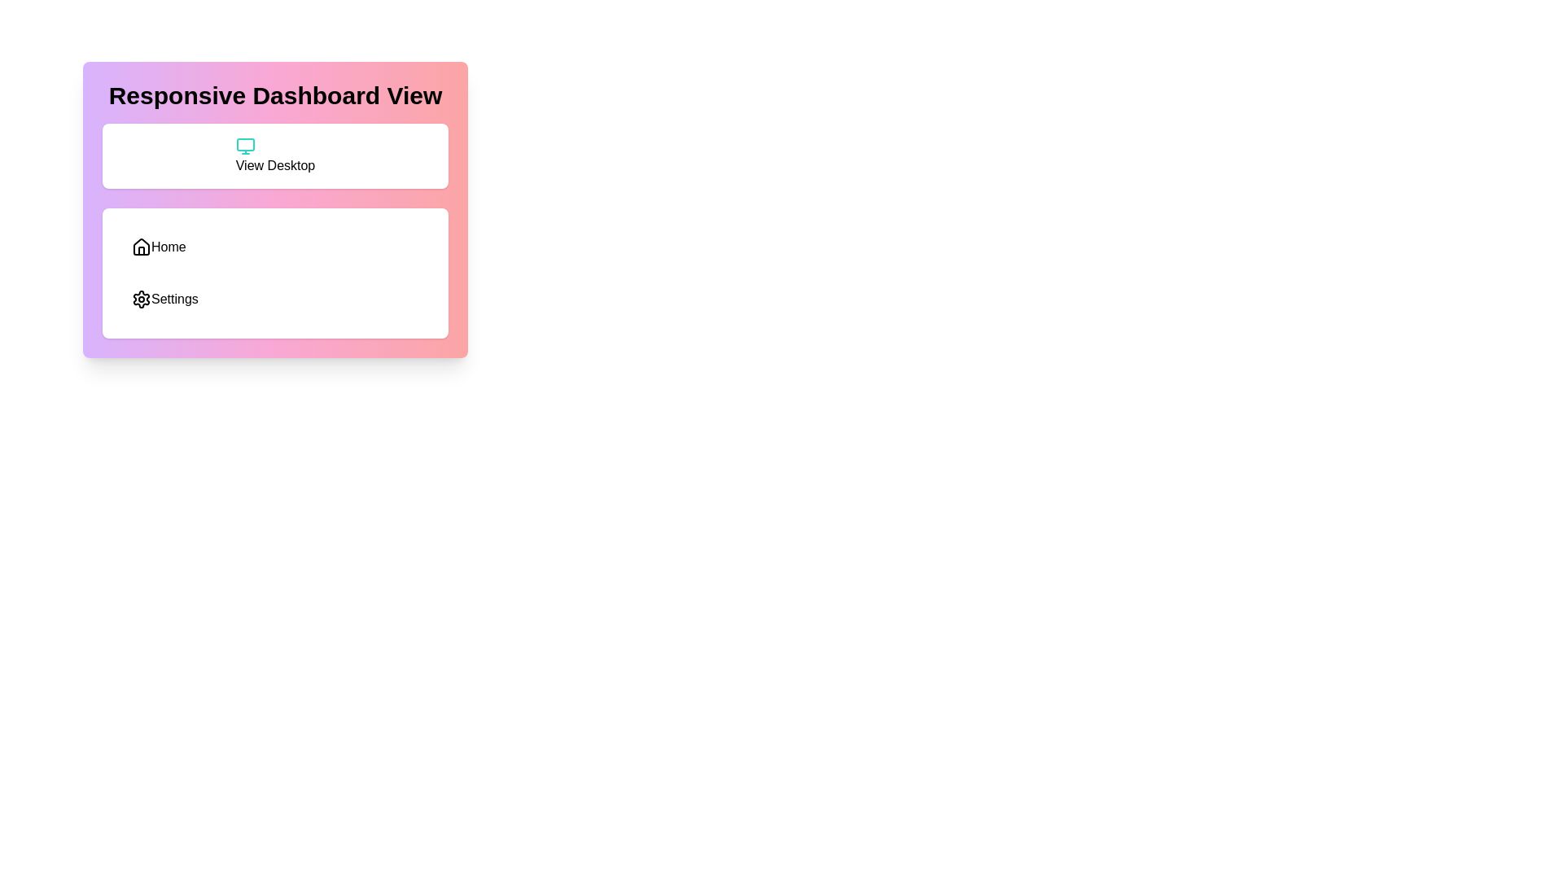 This screenshot has width=1563, height=879. Describe the element at coordinates (141, 299) in the screenshot. I see `the gear icon associated with settings` at that location.